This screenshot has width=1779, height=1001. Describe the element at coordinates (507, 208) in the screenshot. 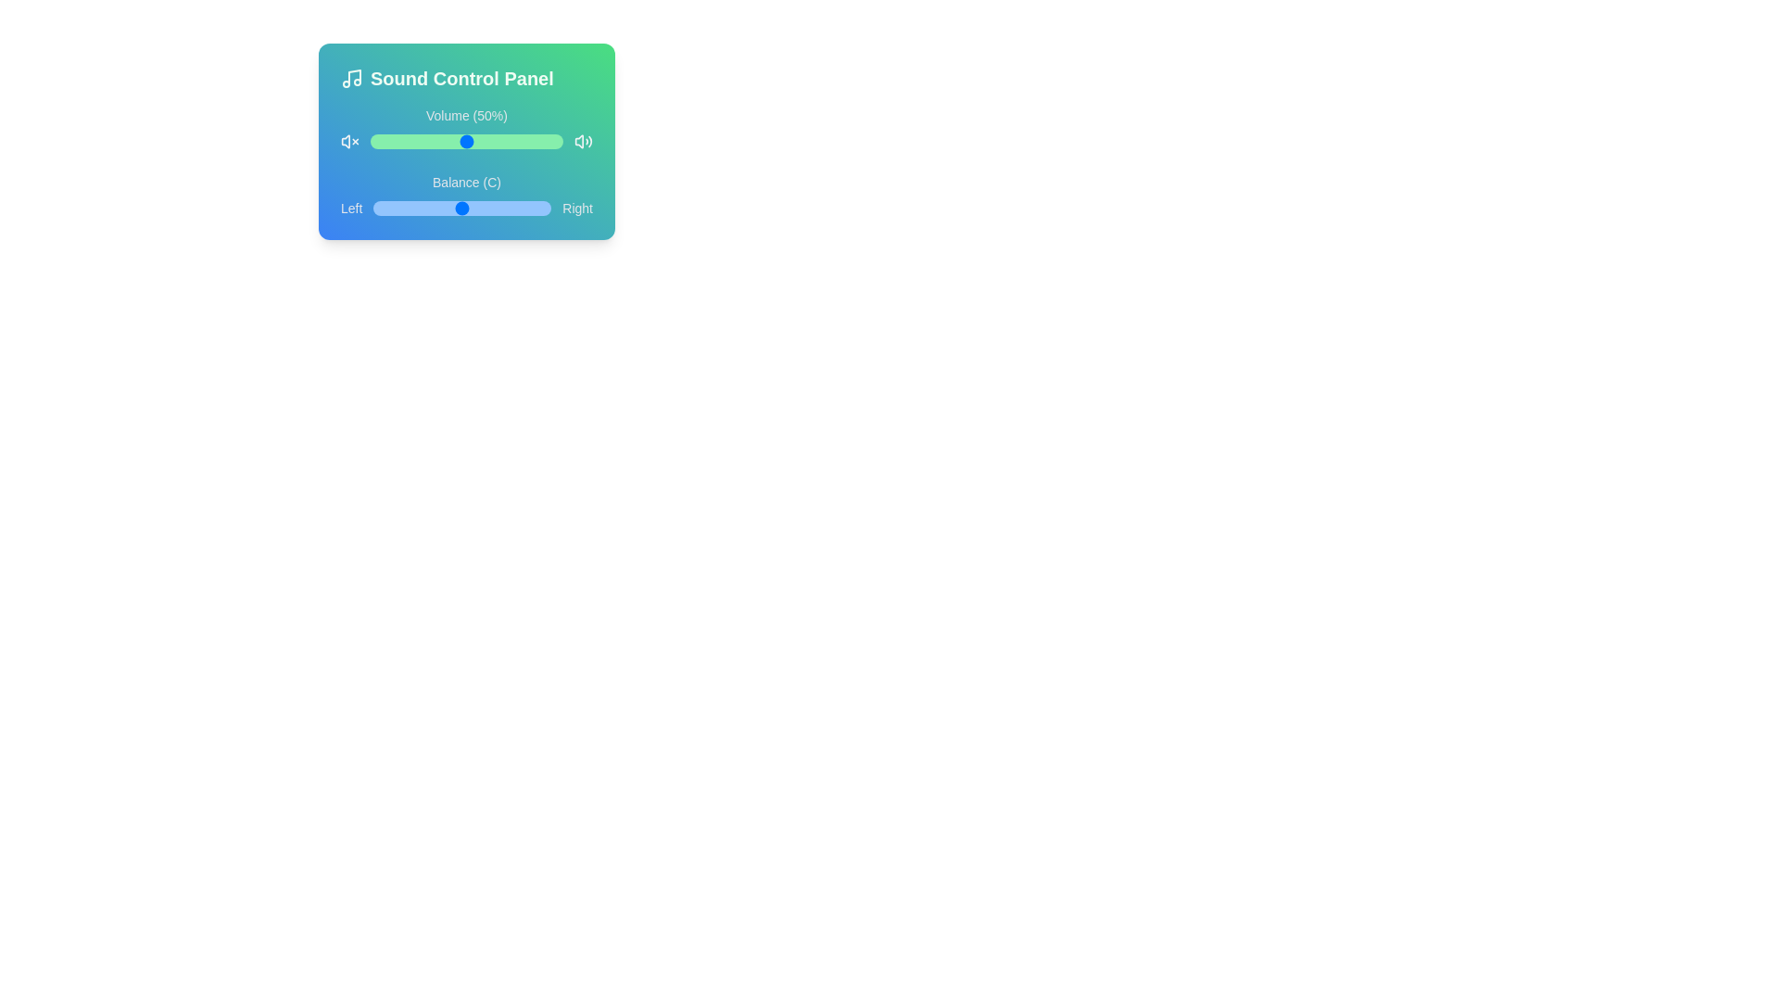

I see `the balance` at that location.